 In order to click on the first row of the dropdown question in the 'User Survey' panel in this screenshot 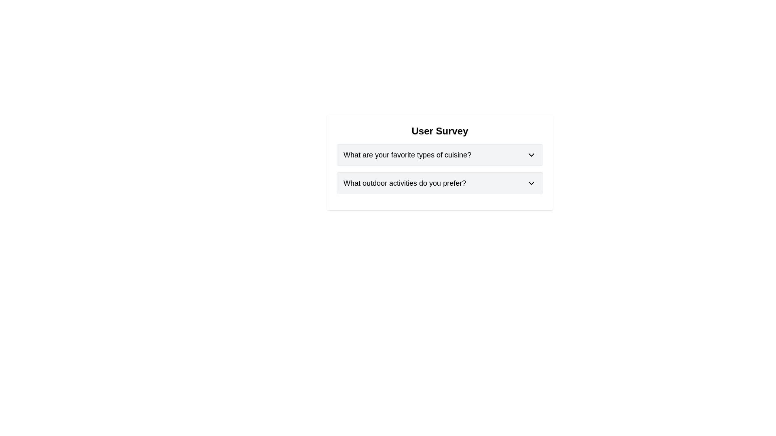, I will do `click(439, 155)`.